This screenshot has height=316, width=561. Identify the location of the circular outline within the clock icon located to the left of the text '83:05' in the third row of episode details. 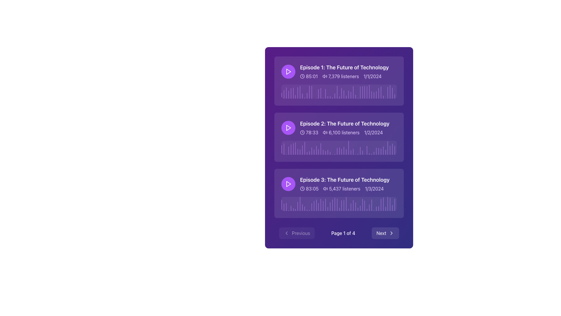
(302, 188).